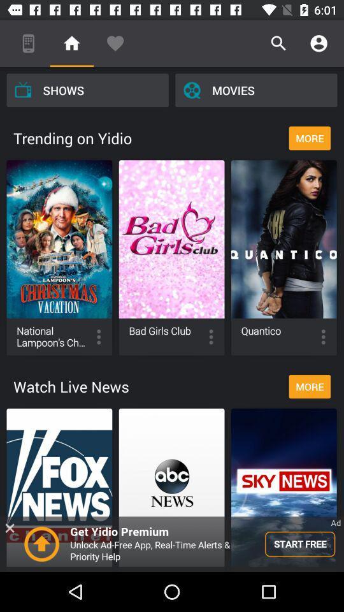 This screenshot has height=612, width=344. What do you see at coordinates (87, 89) in the screenshot?
I see `icon next to movies icon` at bounding box center [87, 89].